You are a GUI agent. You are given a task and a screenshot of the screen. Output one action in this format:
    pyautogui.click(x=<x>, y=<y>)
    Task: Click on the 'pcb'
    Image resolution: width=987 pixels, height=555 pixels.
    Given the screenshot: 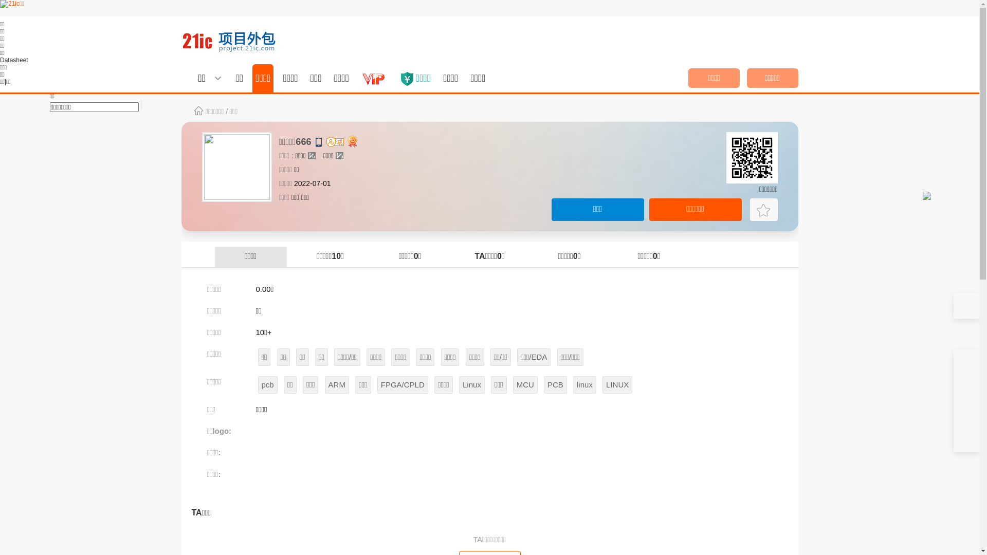 What is the action you would take?
    pyautogui.click(x=258, y=384)
    